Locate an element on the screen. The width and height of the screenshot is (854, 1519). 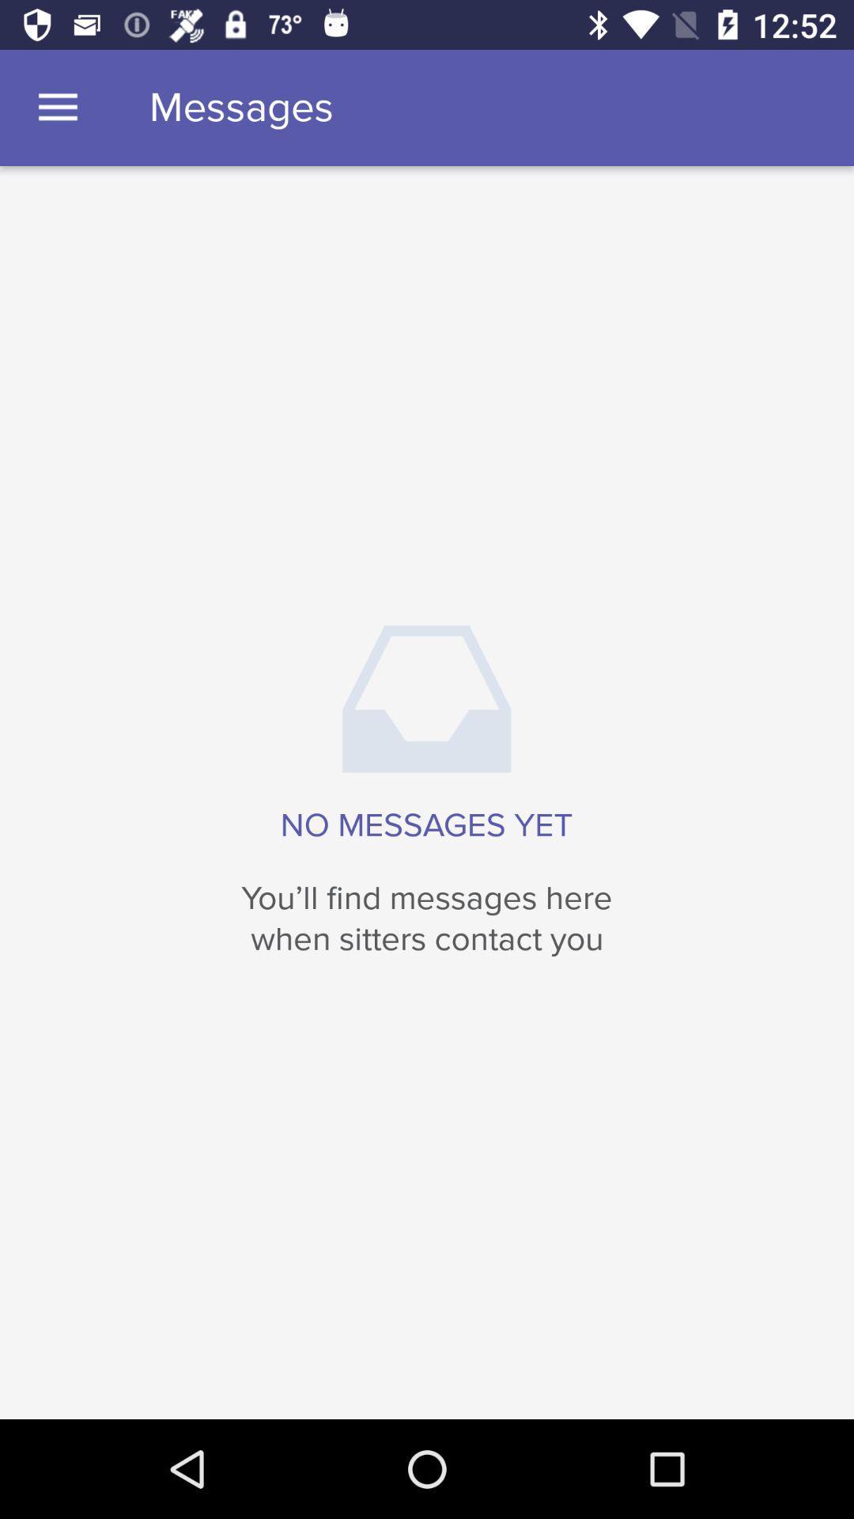
the icon next to messages item is located at coordinates (57, 107).